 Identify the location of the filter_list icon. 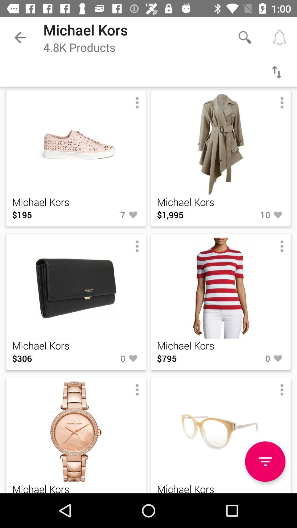
(265, 461).